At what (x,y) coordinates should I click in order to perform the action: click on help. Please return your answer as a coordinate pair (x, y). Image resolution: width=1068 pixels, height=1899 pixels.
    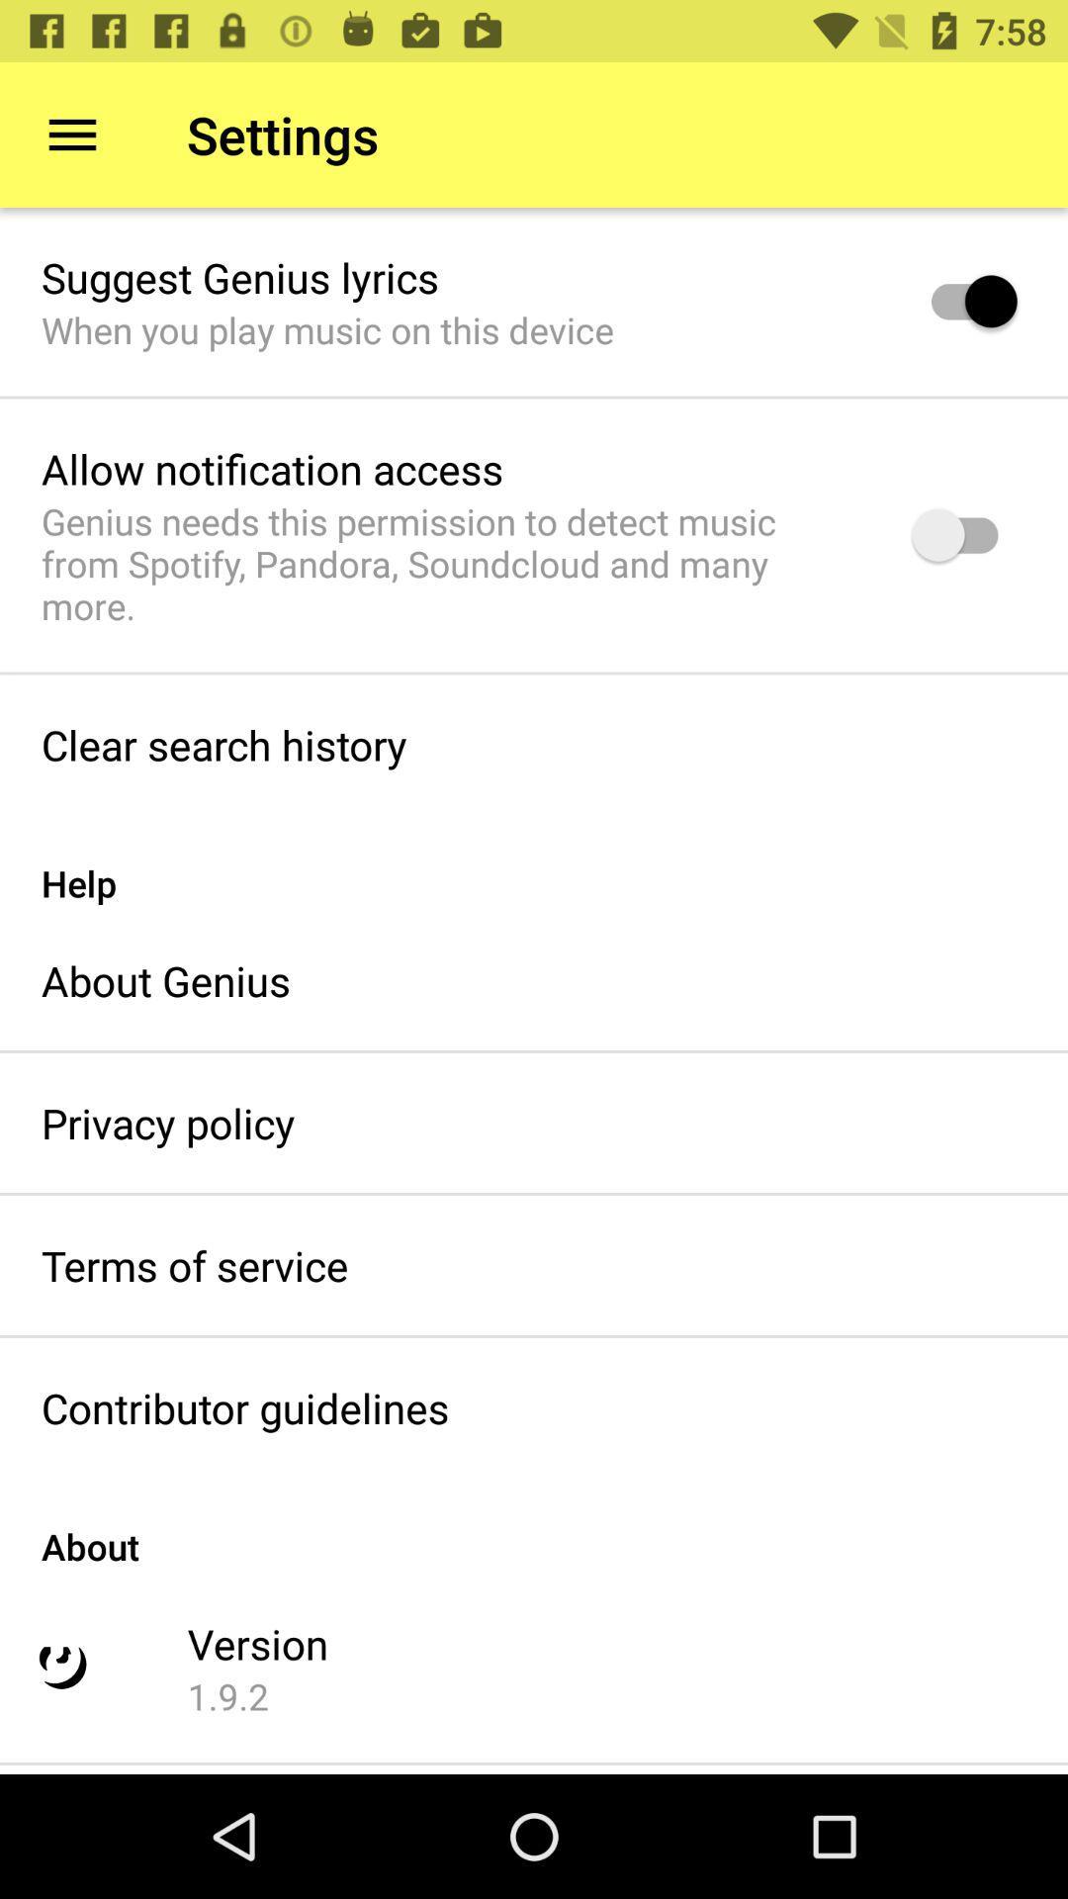
    Looking at the image, I should click on (534, 862).